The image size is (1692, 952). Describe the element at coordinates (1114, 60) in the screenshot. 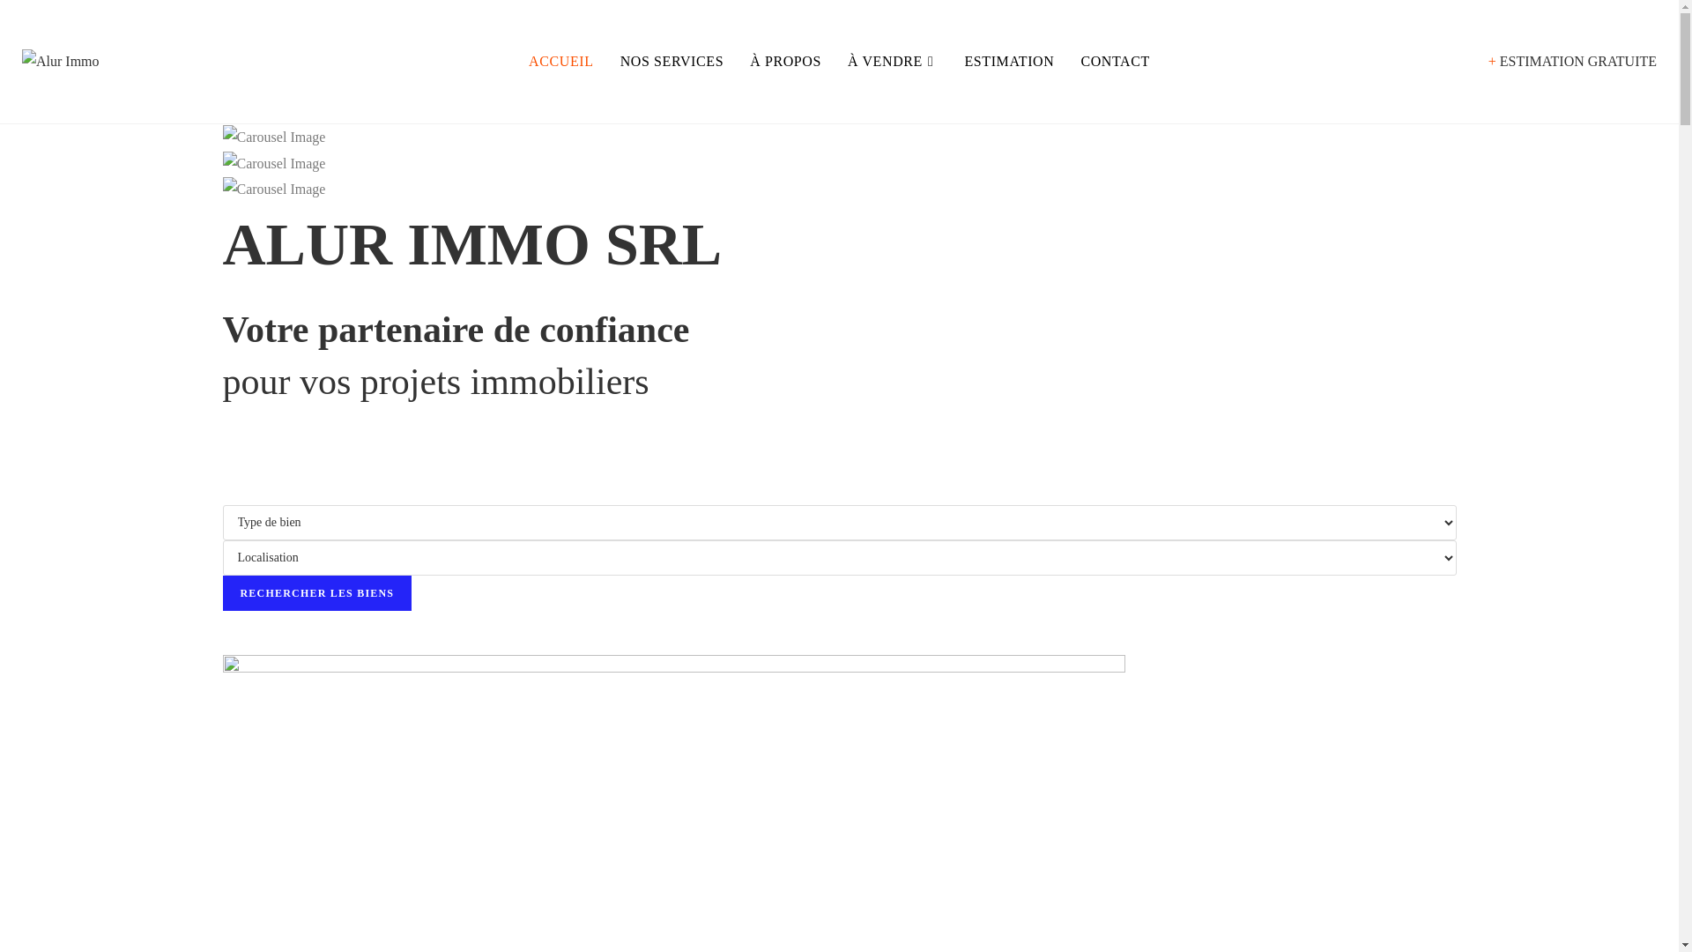

I see `'CONTACT'` at that location.